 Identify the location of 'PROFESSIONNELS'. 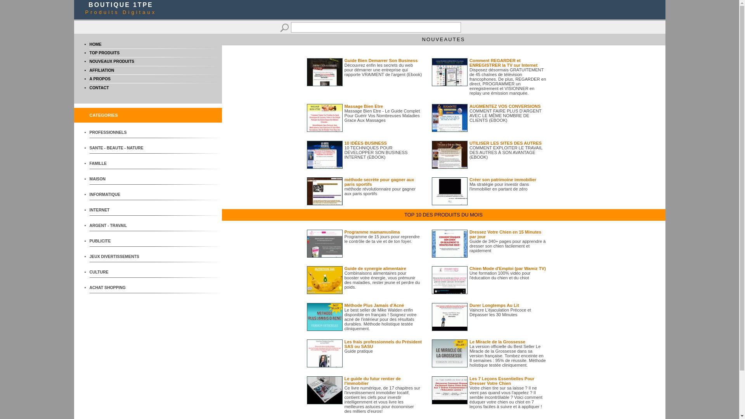
(118, 132).